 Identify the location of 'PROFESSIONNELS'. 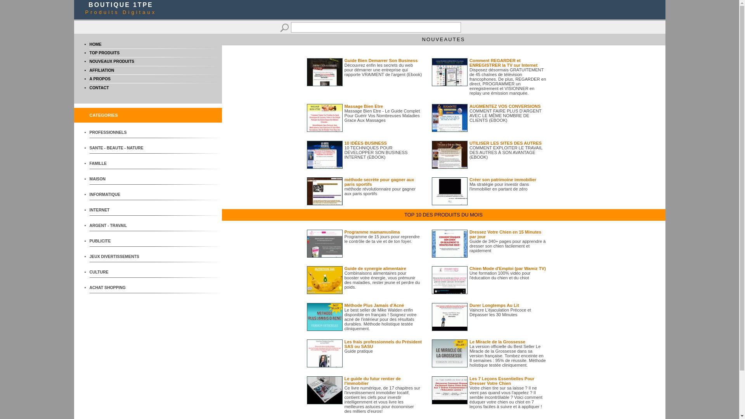
(118, 132).